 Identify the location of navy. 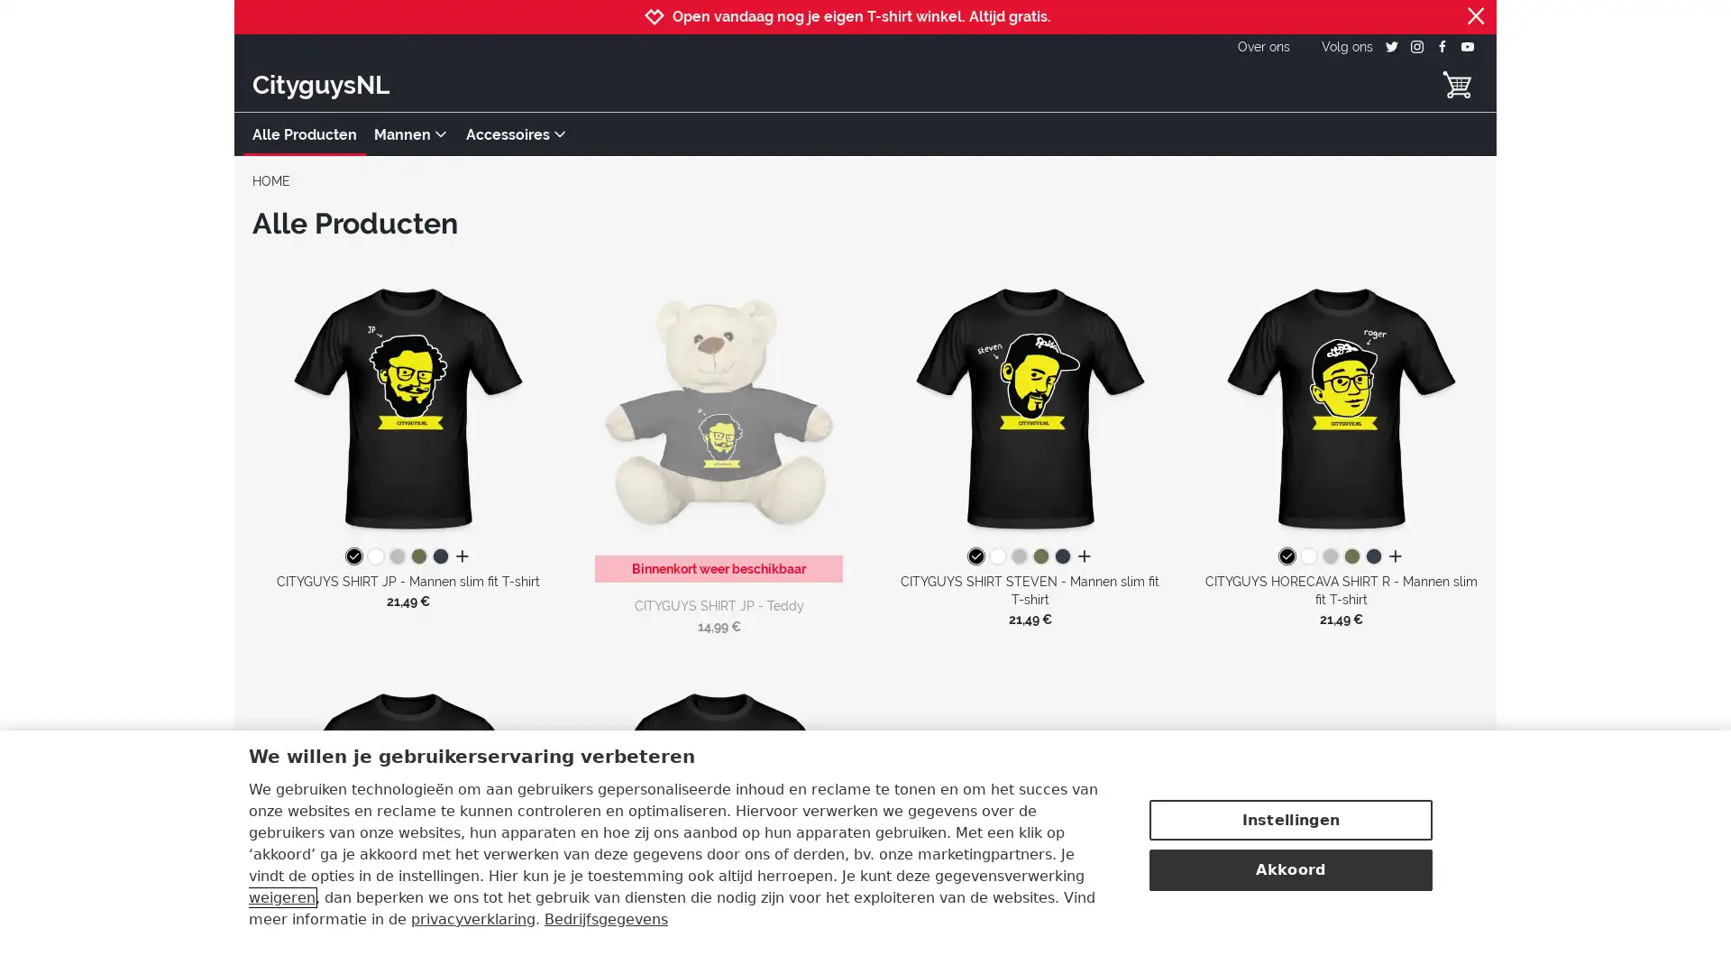
(440, 556).